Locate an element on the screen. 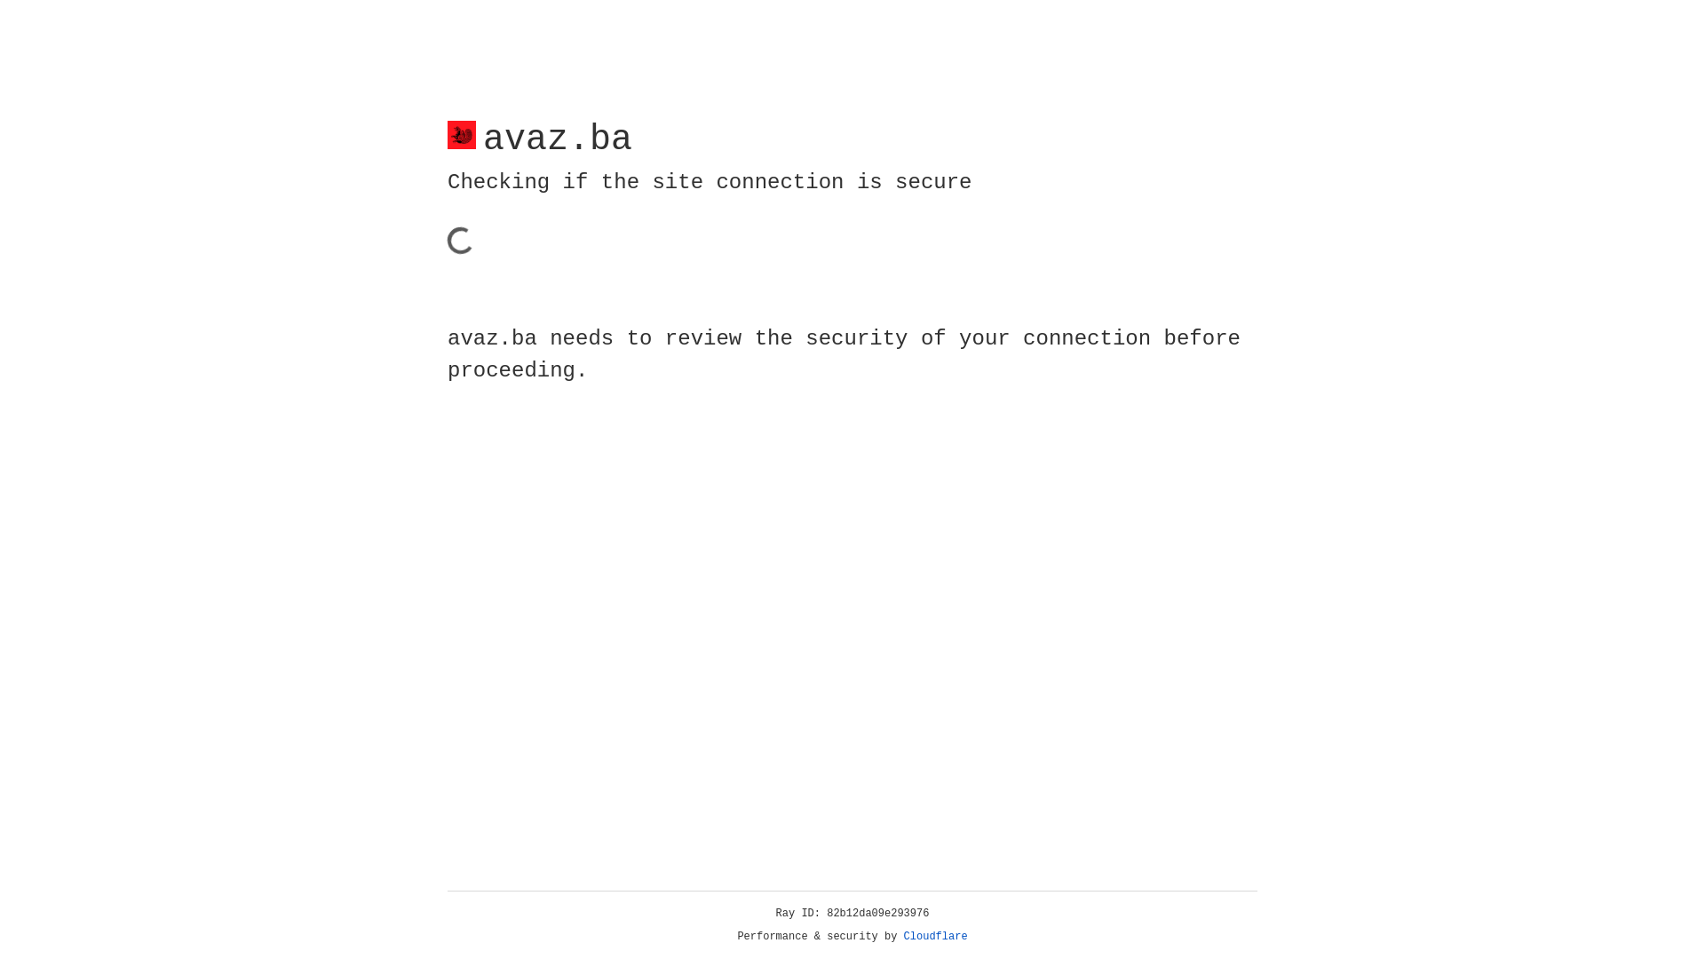 The image size is (1705, 959). 'Cloudflare' is located at coordinates (935, 936).